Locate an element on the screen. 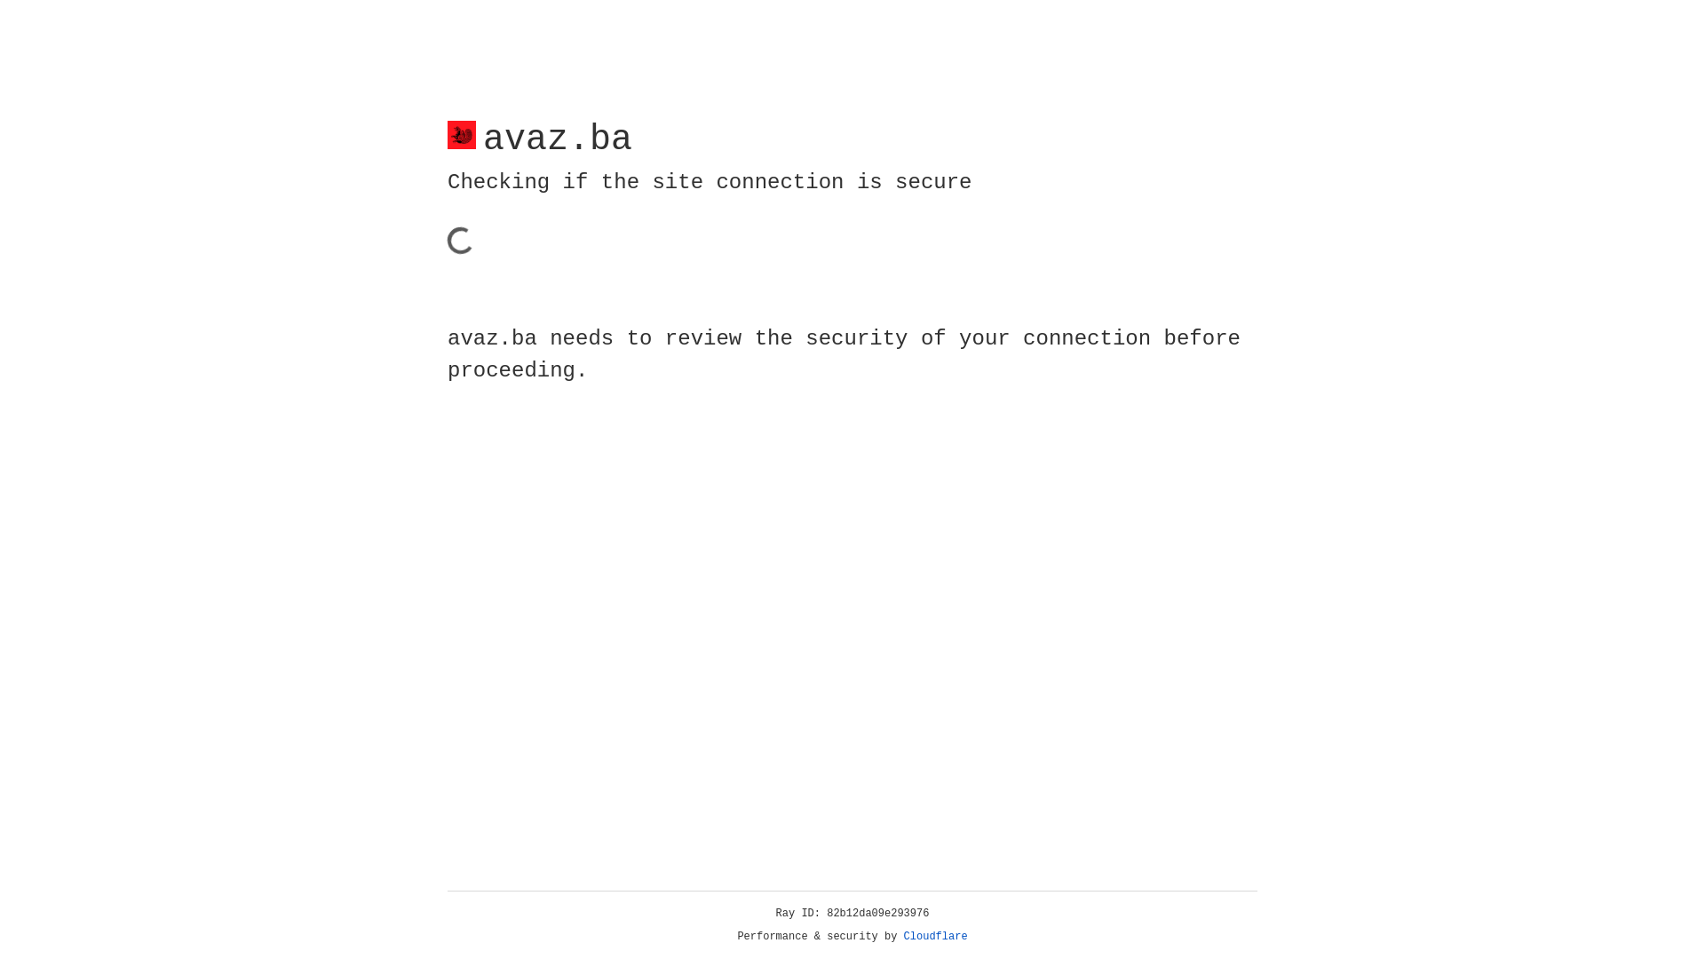 The image size is (1705, 959). 'Cloudflare' is located at coordinates (935, 936).